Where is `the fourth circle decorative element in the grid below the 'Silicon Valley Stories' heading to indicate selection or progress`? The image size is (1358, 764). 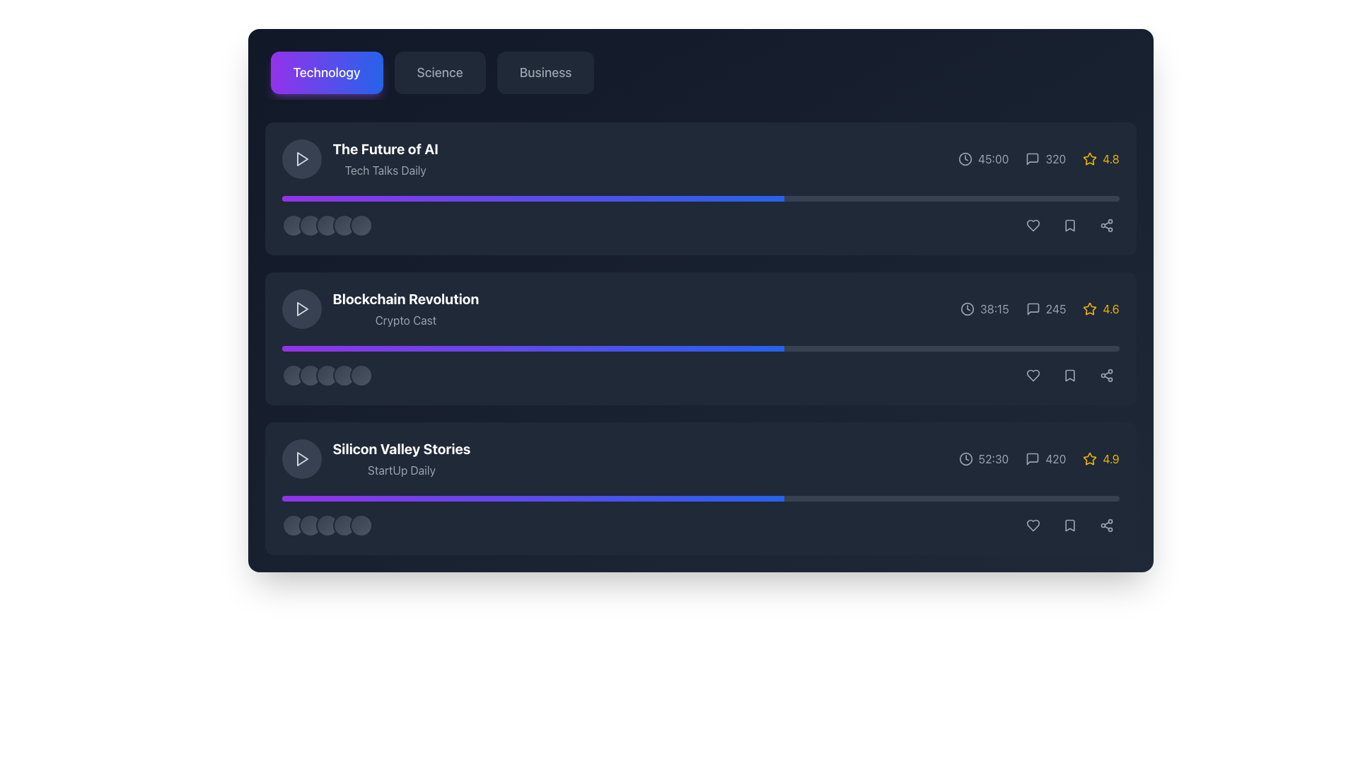
the fourth circle decorative element in the grid below the 'Silicon Valley Stories' heading to indicate selection or progress is located at coordinates (344, 526).